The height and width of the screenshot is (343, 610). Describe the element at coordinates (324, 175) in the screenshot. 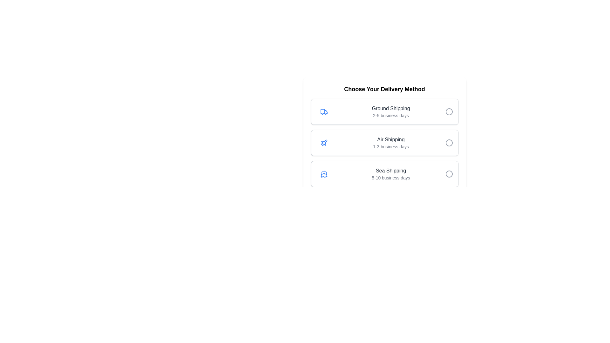

I see `the ship icon representing sea shipping, located at the lower right corner of the item's icon group` at that location.